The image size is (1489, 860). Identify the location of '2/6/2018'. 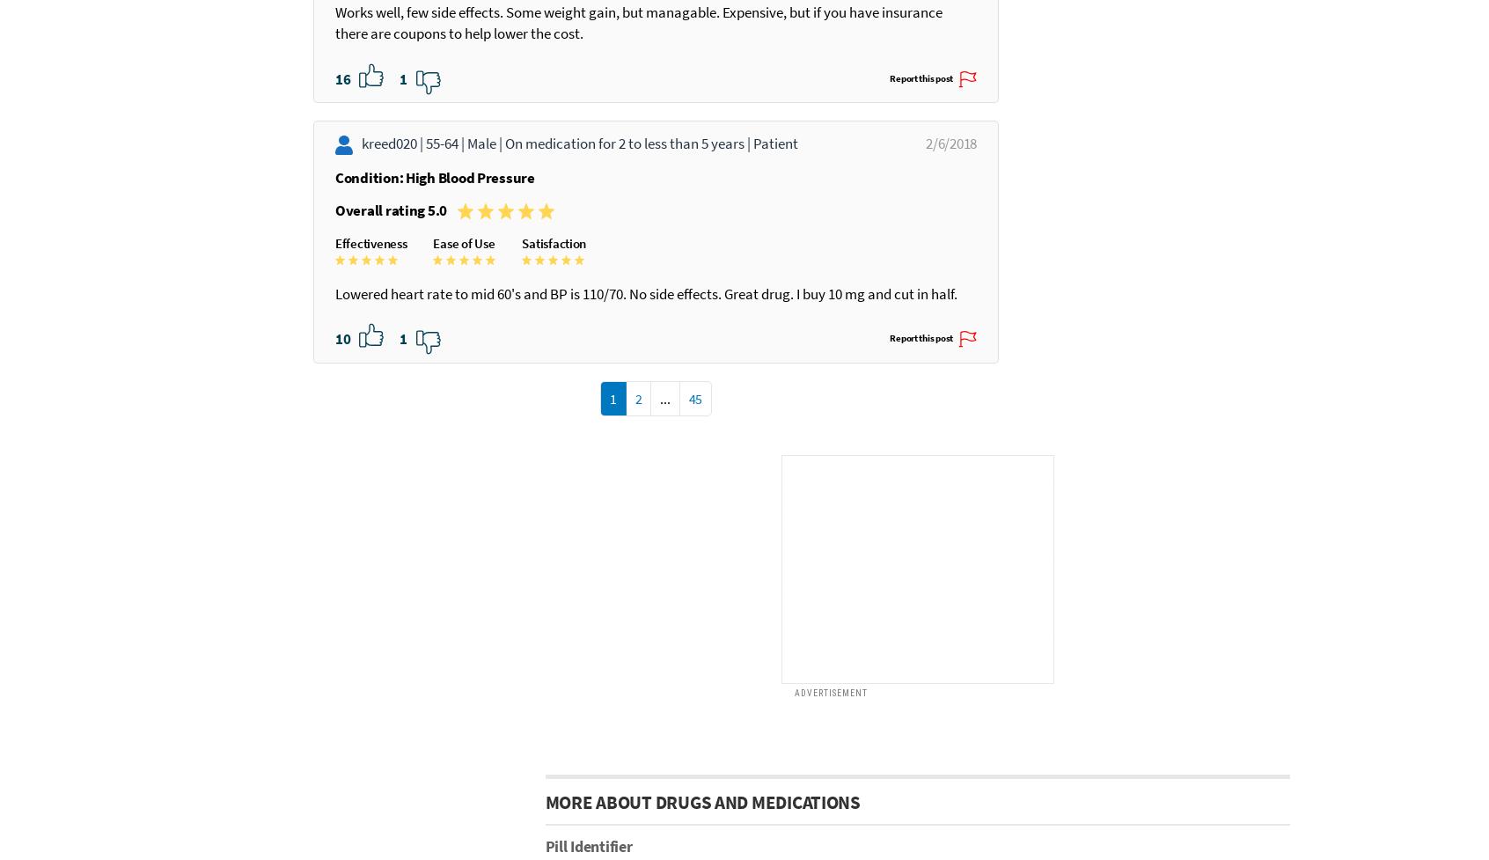
(928, 292).